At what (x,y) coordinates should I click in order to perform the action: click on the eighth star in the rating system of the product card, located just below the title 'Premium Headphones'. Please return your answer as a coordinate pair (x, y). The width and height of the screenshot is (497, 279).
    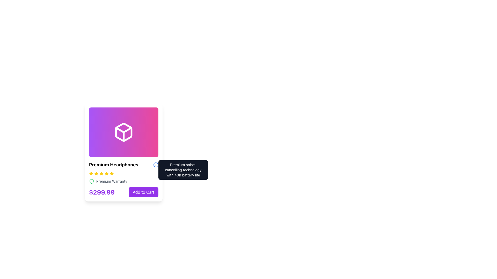
    Looking at the image, I should click on (112, 173).